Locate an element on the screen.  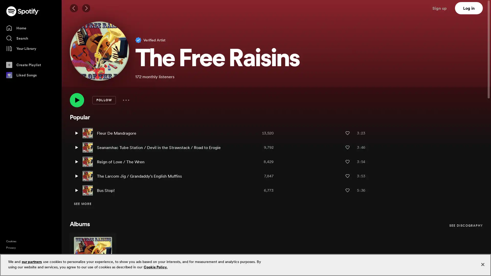
Play Reign of Love / The Wren by The Free Raisins is located at coordinates (76, 162).